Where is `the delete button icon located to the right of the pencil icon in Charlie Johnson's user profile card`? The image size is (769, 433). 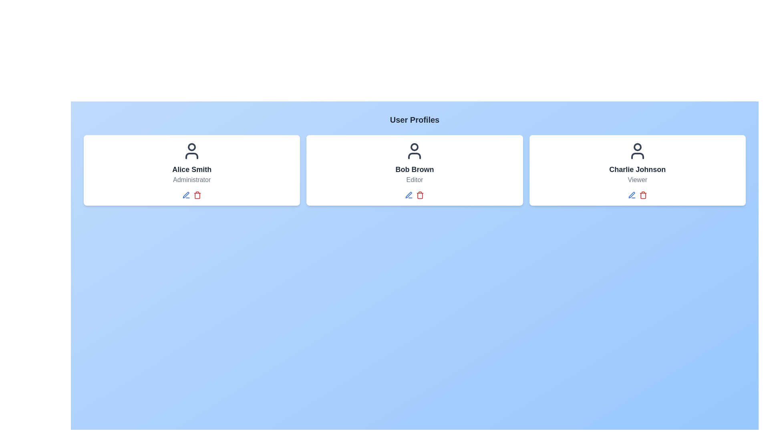
the delete button icon located to the right of the pencil icon in Charlie Johnson's user profile card is located at coordinates (643, 195).